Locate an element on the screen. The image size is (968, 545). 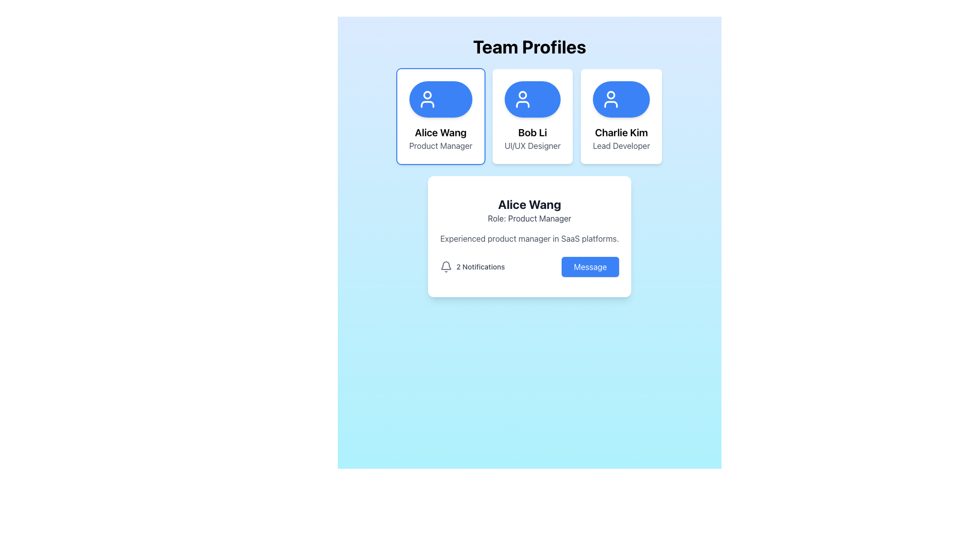
static text label indicating the number of notifications, located in the bottom left section of the white card, just right of the bell icon is located at coordinates (480, 266).